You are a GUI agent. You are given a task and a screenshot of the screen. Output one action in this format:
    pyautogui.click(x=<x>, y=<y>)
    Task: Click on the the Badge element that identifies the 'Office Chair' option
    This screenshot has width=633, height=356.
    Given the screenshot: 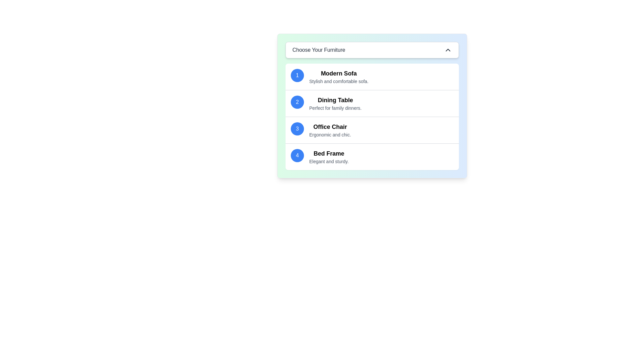 What is the action you would take?
    pyautogui.click(x=297, y=129)
    